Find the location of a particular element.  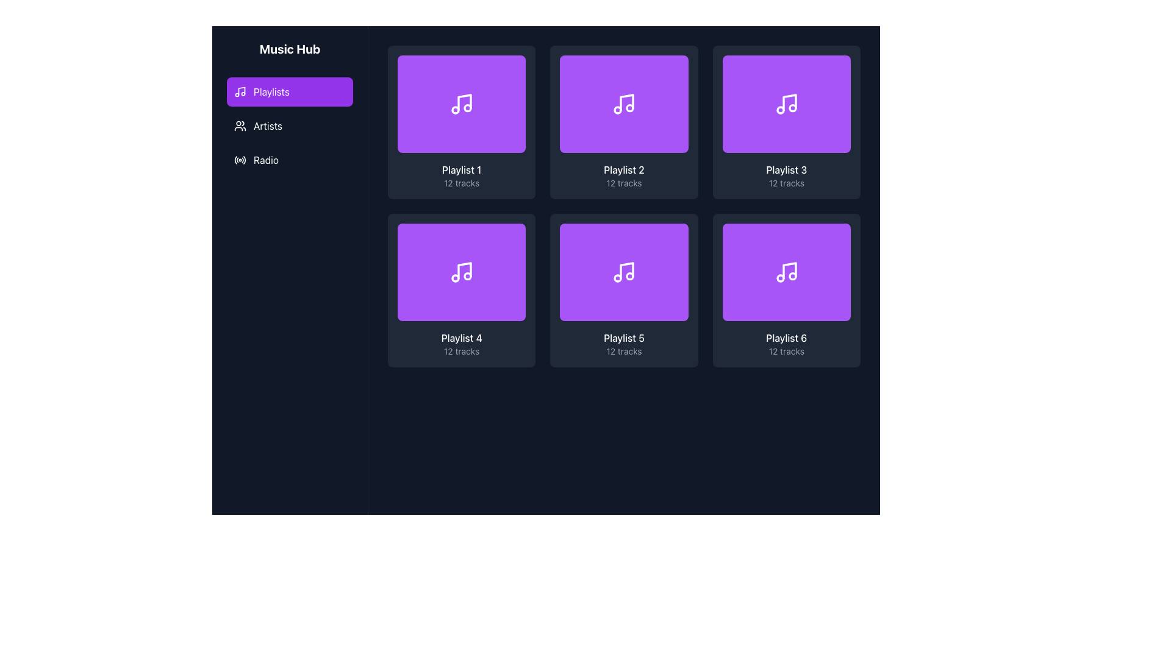

the small circular shape within the SVG icon of the music note on the first playlist card labeled 'Playlist 1' is located at coordinates (467, 107).